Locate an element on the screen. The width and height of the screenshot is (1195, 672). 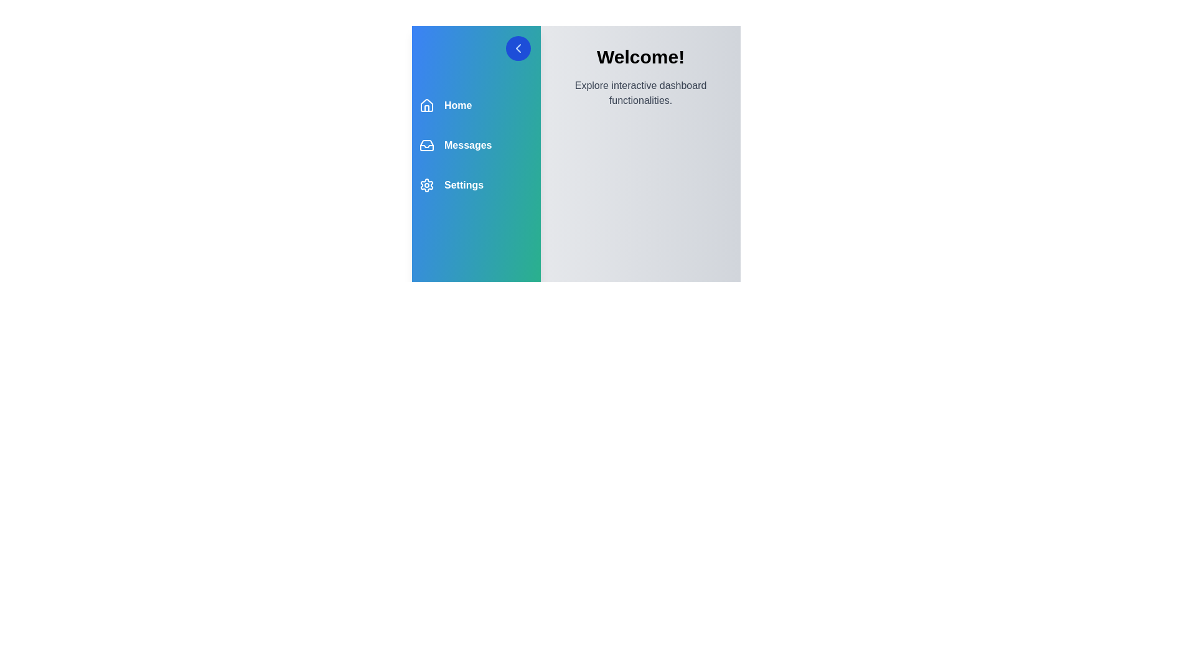
the 'Messages' Navigation Button is located at coordinates (455, 145).